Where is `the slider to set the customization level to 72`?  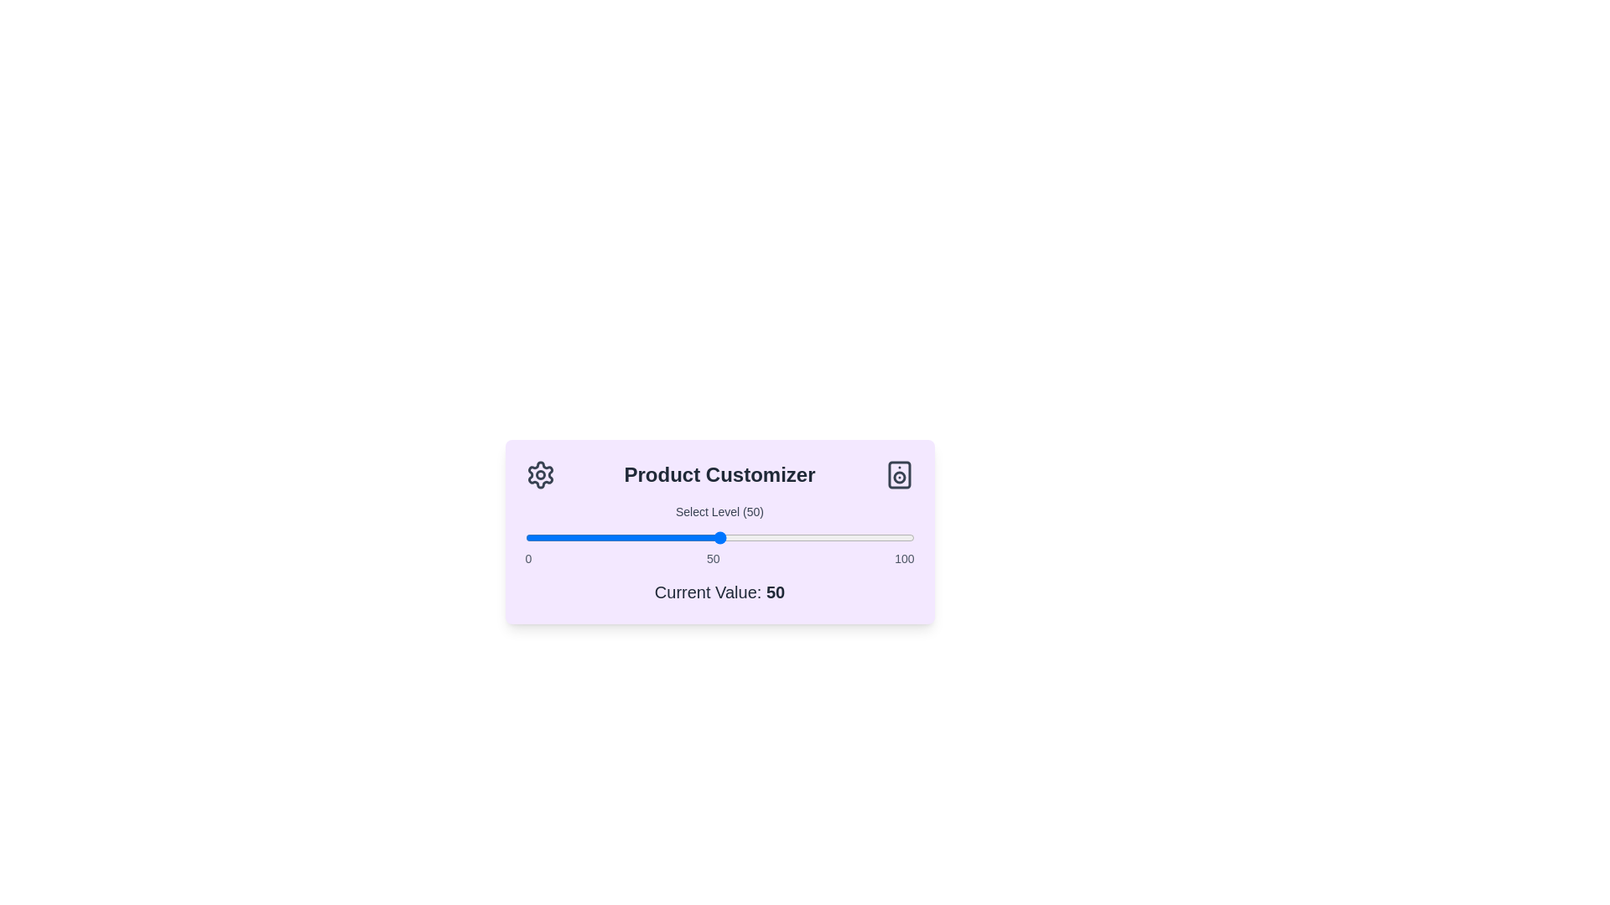
the slider to set the customization level to 72 is located at coordinates (805, 537).